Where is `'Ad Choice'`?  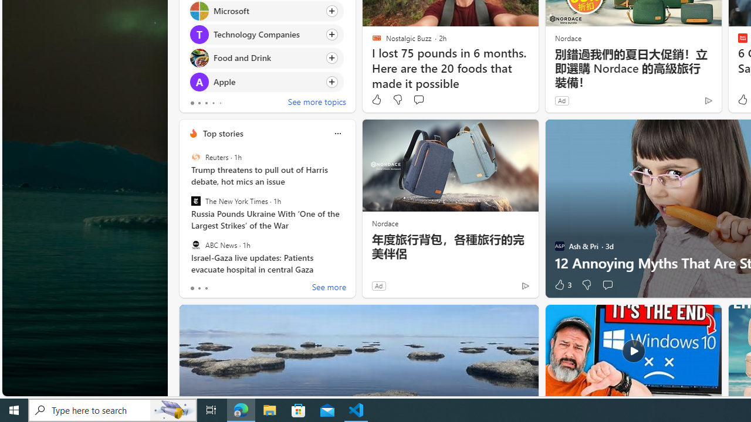 'Ad Choice' is located at coordinates (525, 285).